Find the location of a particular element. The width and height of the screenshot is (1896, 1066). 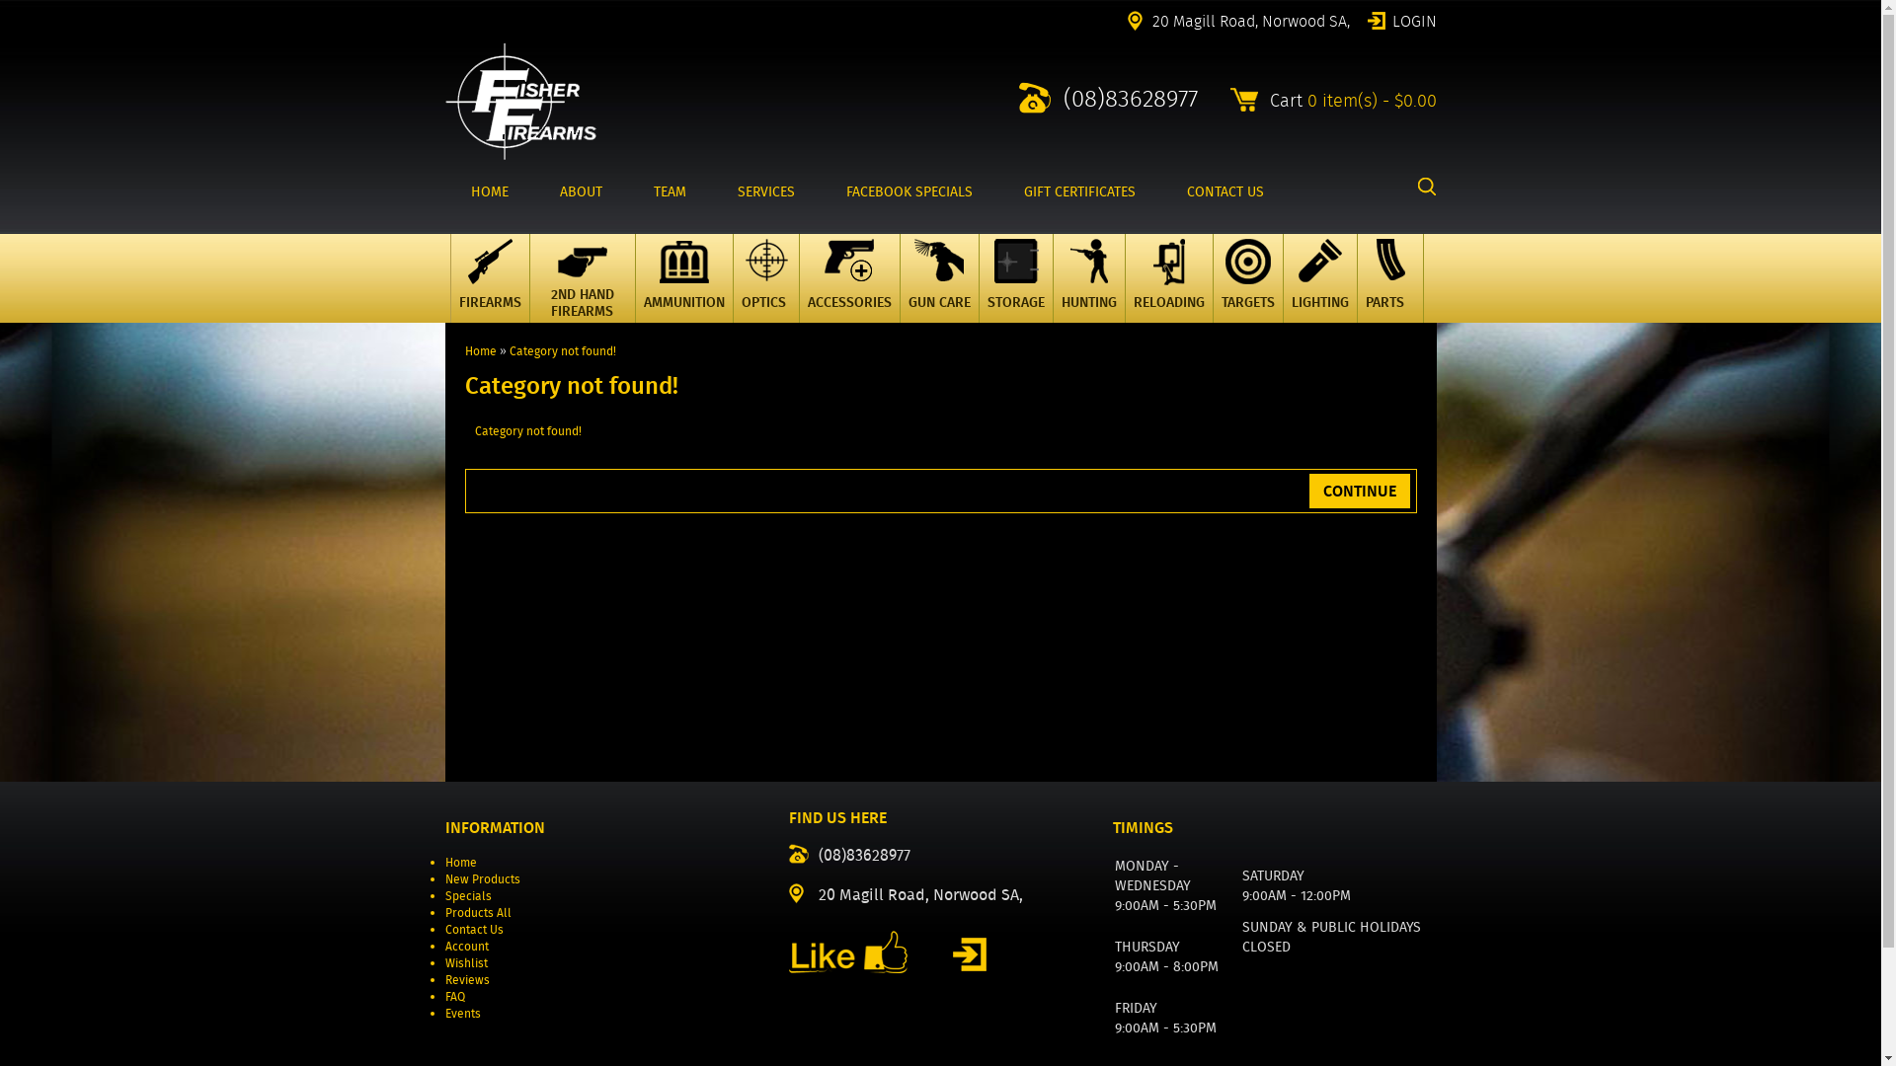

'Account' is located at coordinates (464, 945).